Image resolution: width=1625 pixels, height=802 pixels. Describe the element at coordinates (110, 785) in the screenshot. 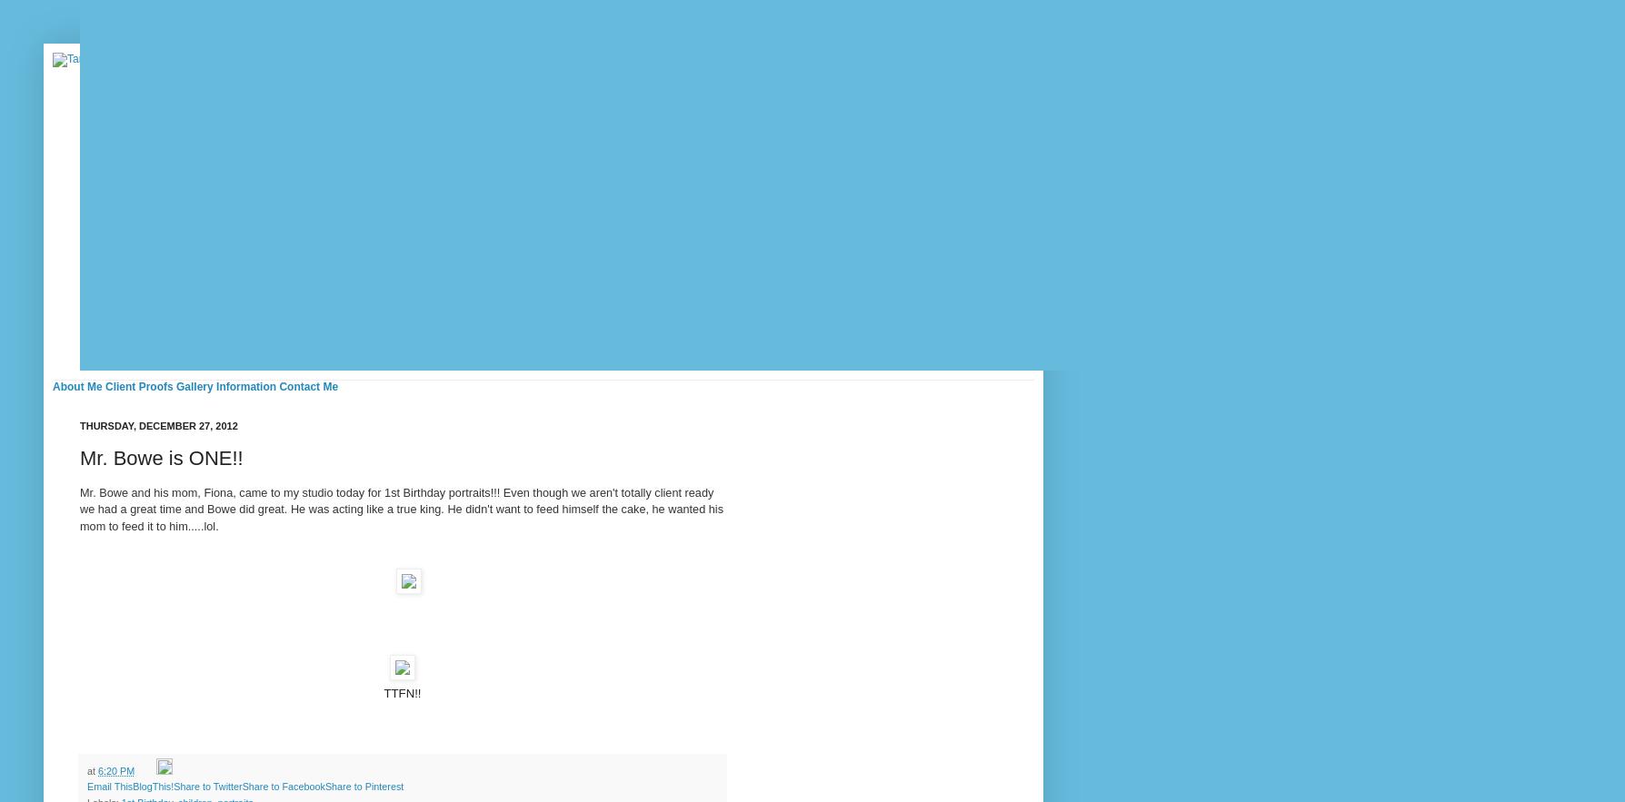

I see `'Email This'` at that location.